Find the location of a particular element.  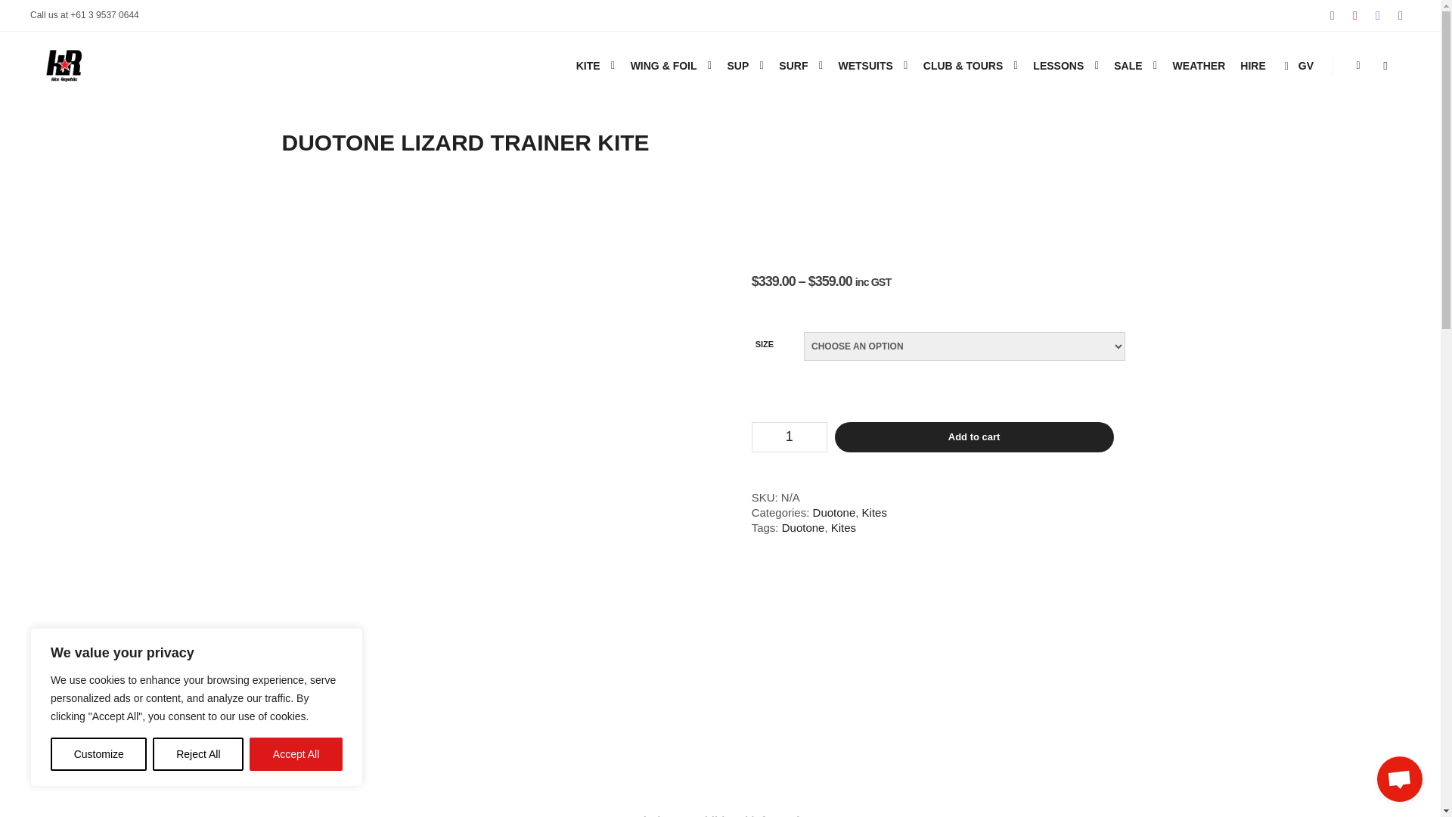

'GV' is located at coordinates (1296, 65).